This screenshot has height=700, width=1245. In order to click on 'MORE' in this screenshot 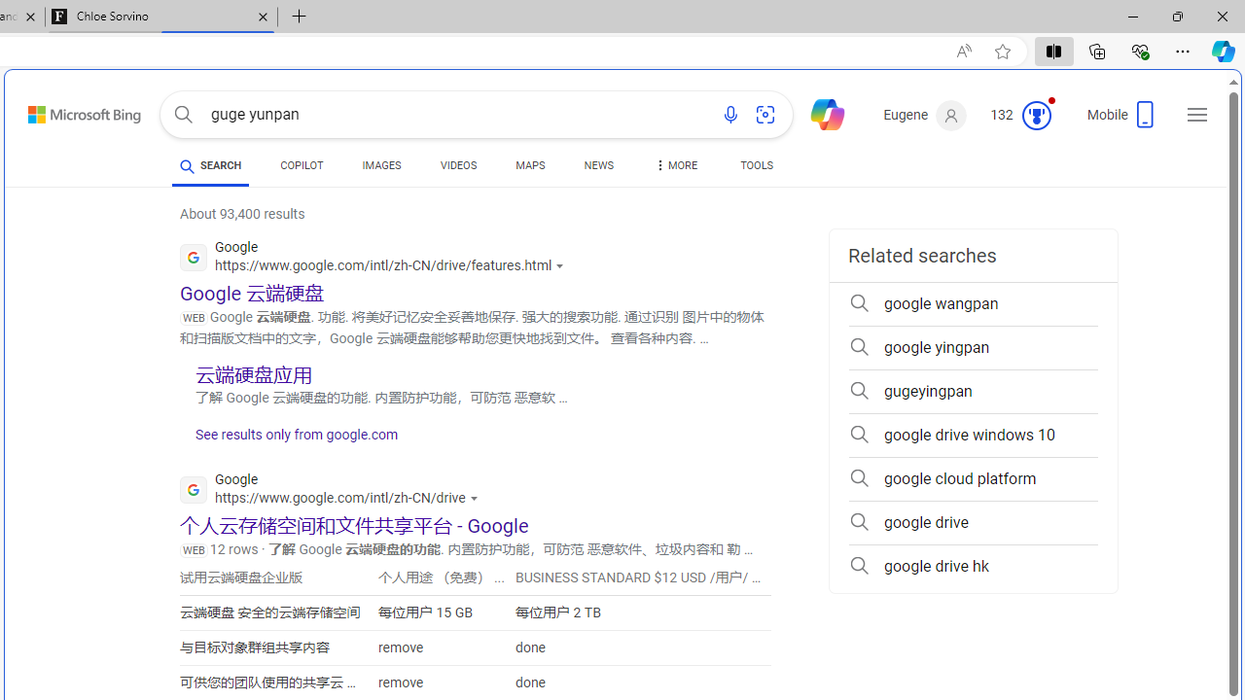, I will do `click(674, 167)`.